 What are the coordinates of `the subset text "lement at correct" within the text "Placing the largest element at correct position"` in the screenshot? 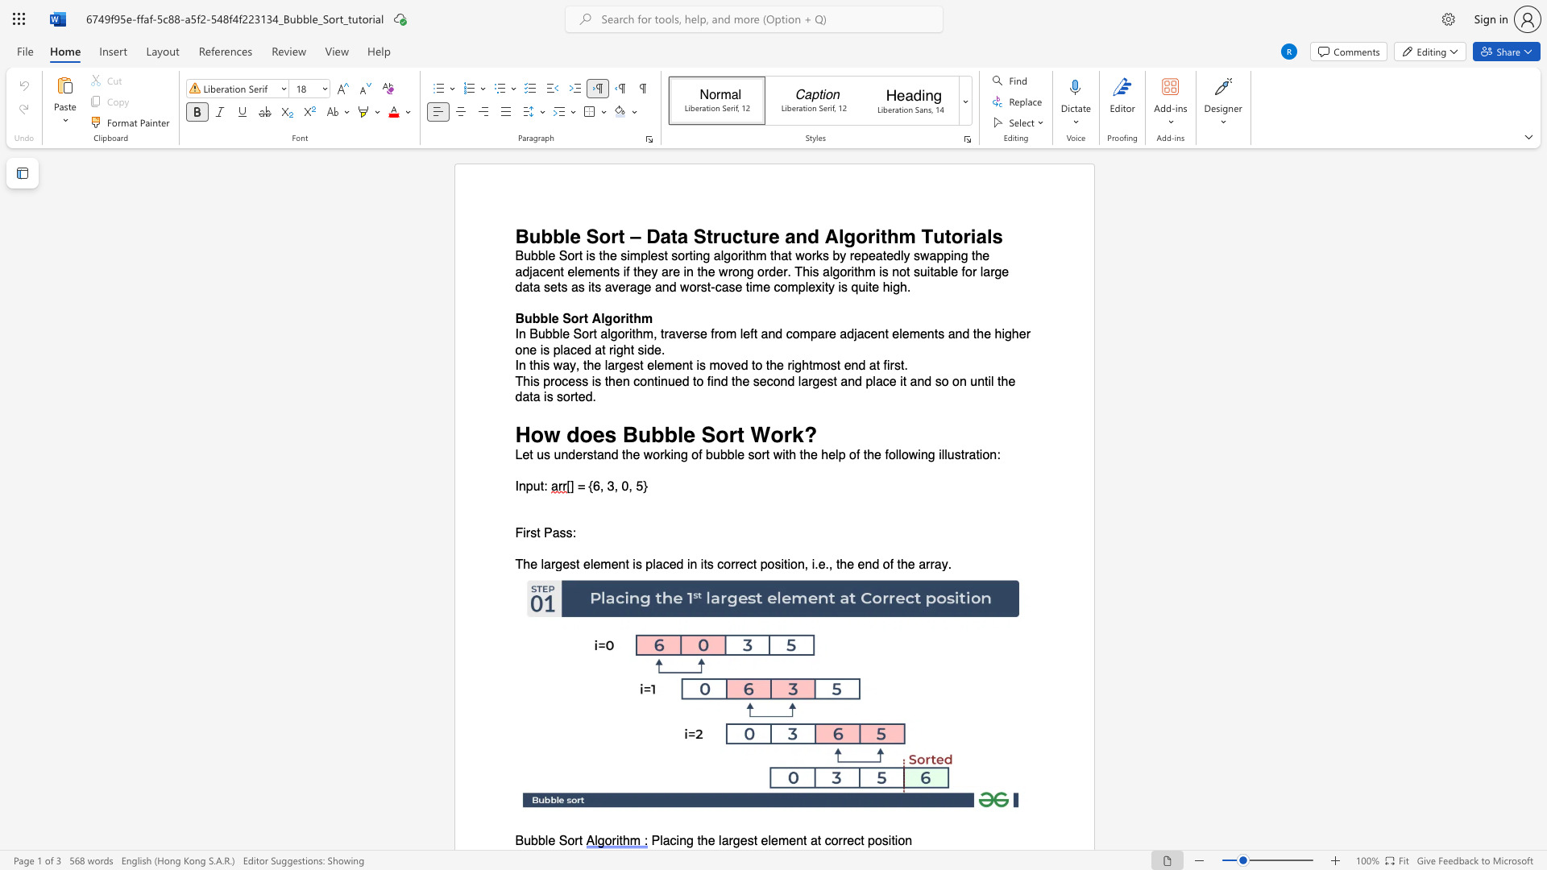 It's located at (767, 840).